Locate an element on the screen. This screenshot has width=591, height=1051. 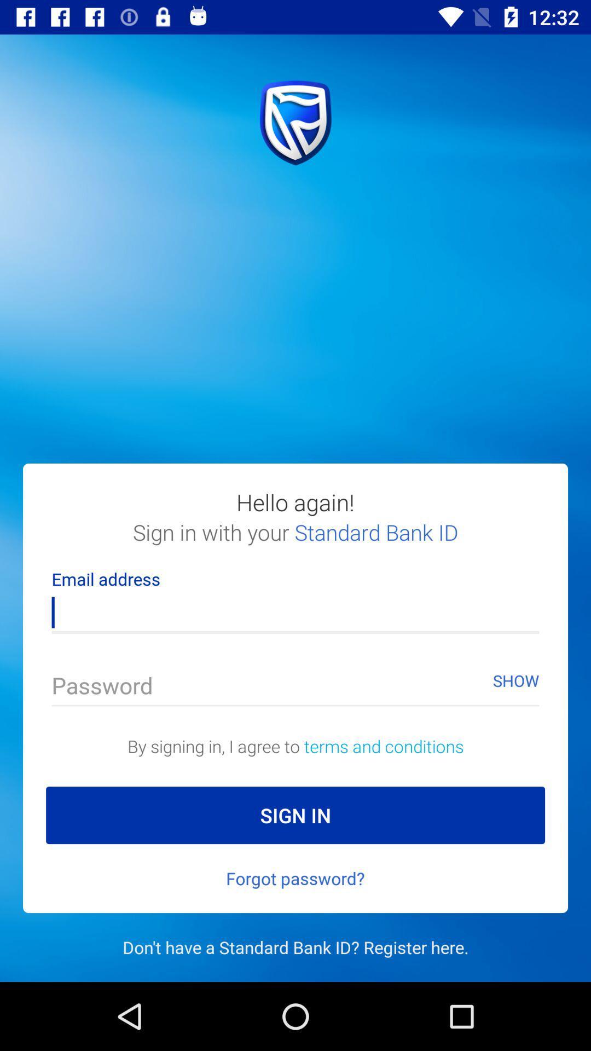
sign in is located at coordinates (296, 815).